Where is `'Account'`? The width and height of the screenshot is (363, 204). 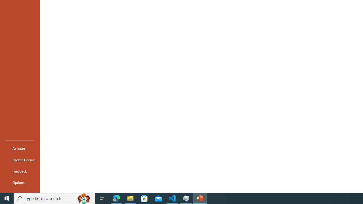 'Account' is located at coordinates (20, 148).